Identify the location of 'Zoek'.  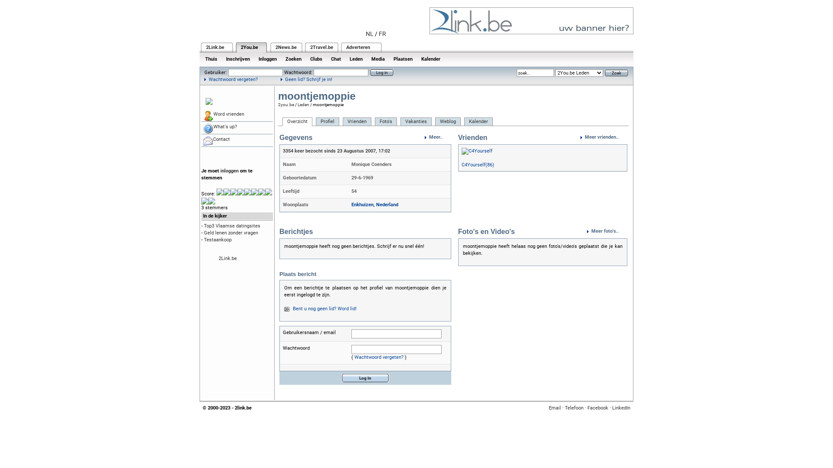
(616, 72).